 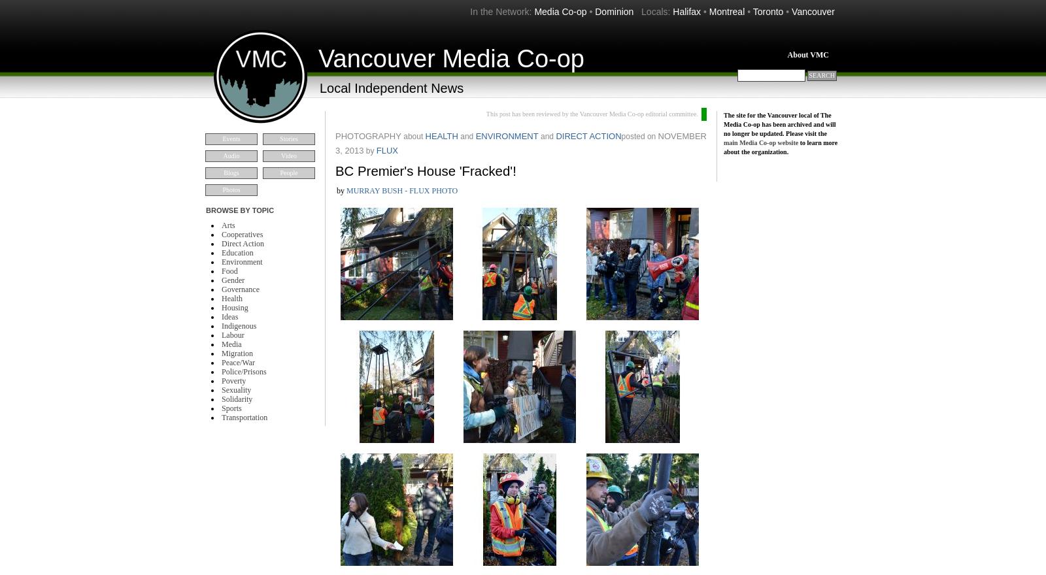 I want to click on 'Labour', so click(x=222, y=335).